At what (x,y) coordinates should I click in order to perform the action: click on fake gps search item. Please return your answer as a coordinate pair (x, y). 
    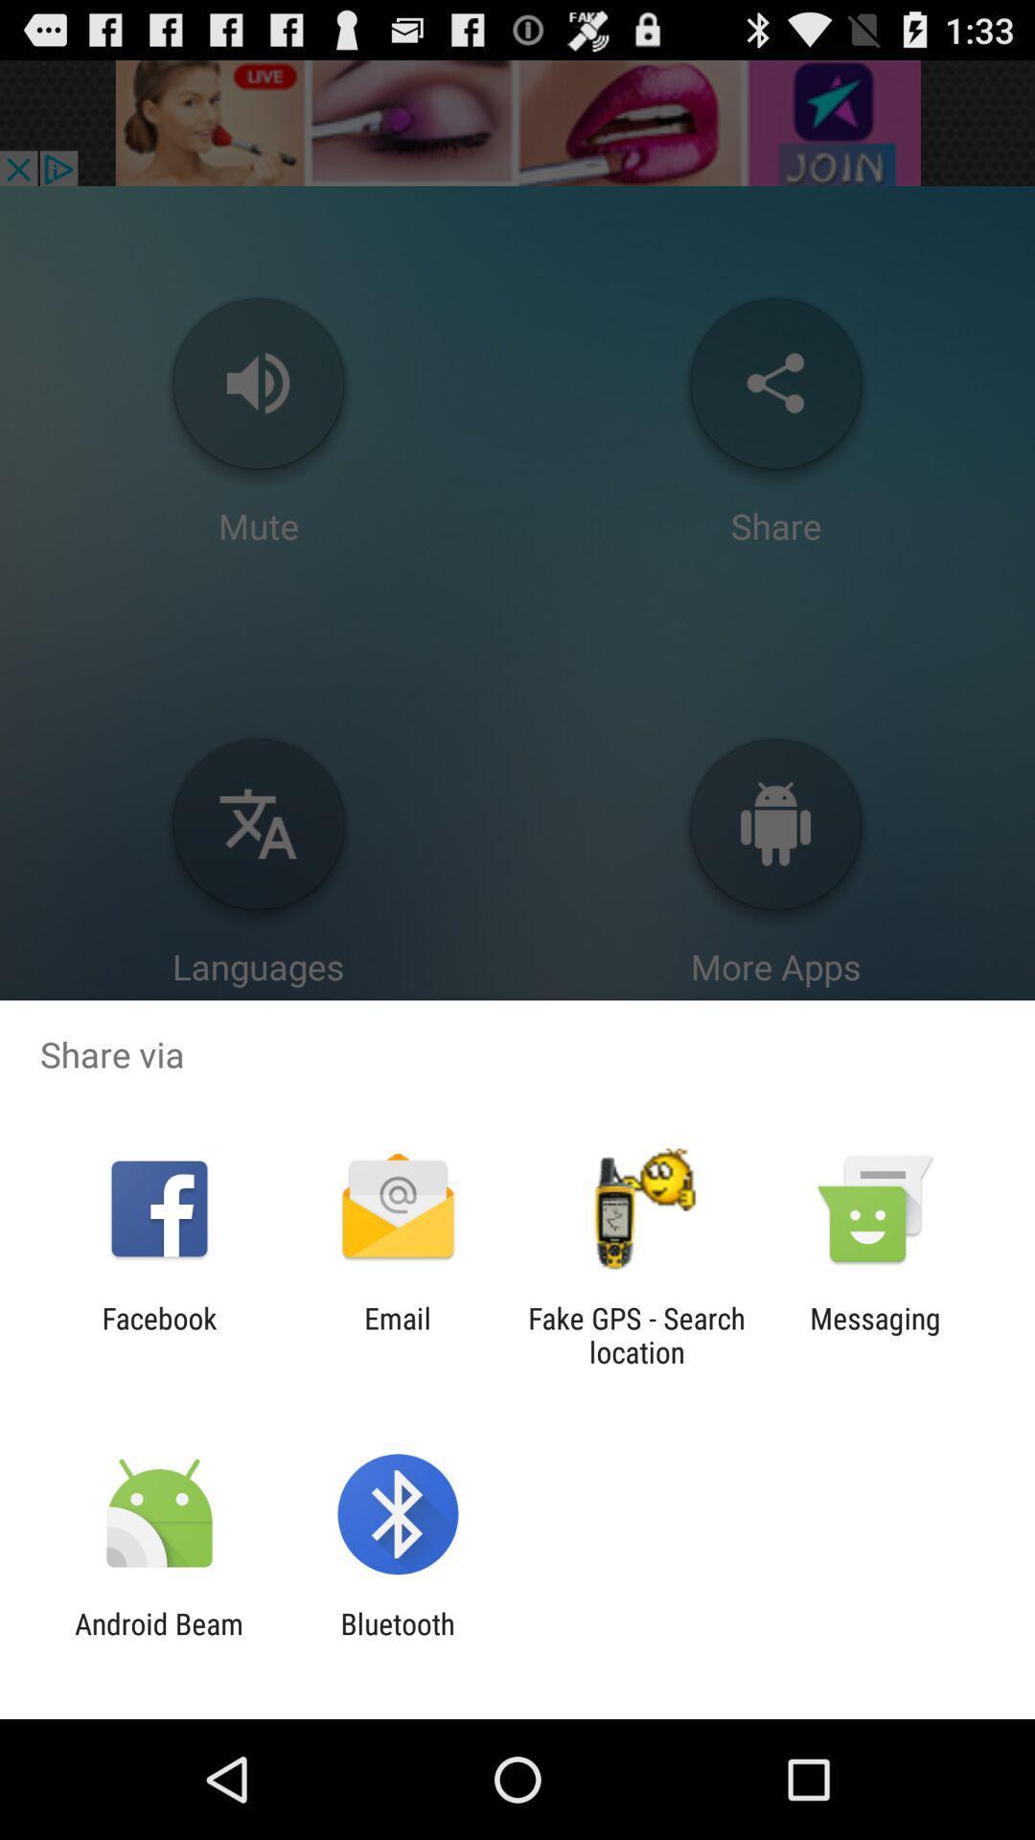
    Looking at the image, I should click on (636, 1334).